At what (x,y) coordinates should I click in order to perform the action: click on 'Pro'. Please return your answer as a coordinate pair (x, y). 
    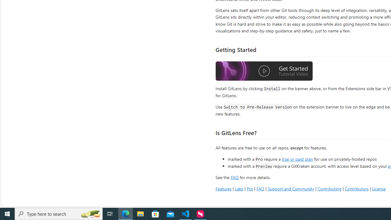
    Looking at the image, I should click on (250, 188).